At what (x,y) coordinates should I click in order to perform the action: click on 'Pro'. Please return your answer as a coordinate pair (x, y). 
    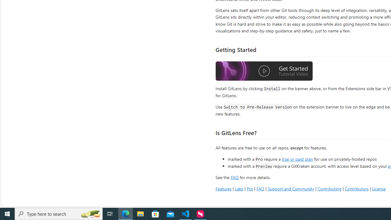
    Looking at the image, I should click on (250, 188).